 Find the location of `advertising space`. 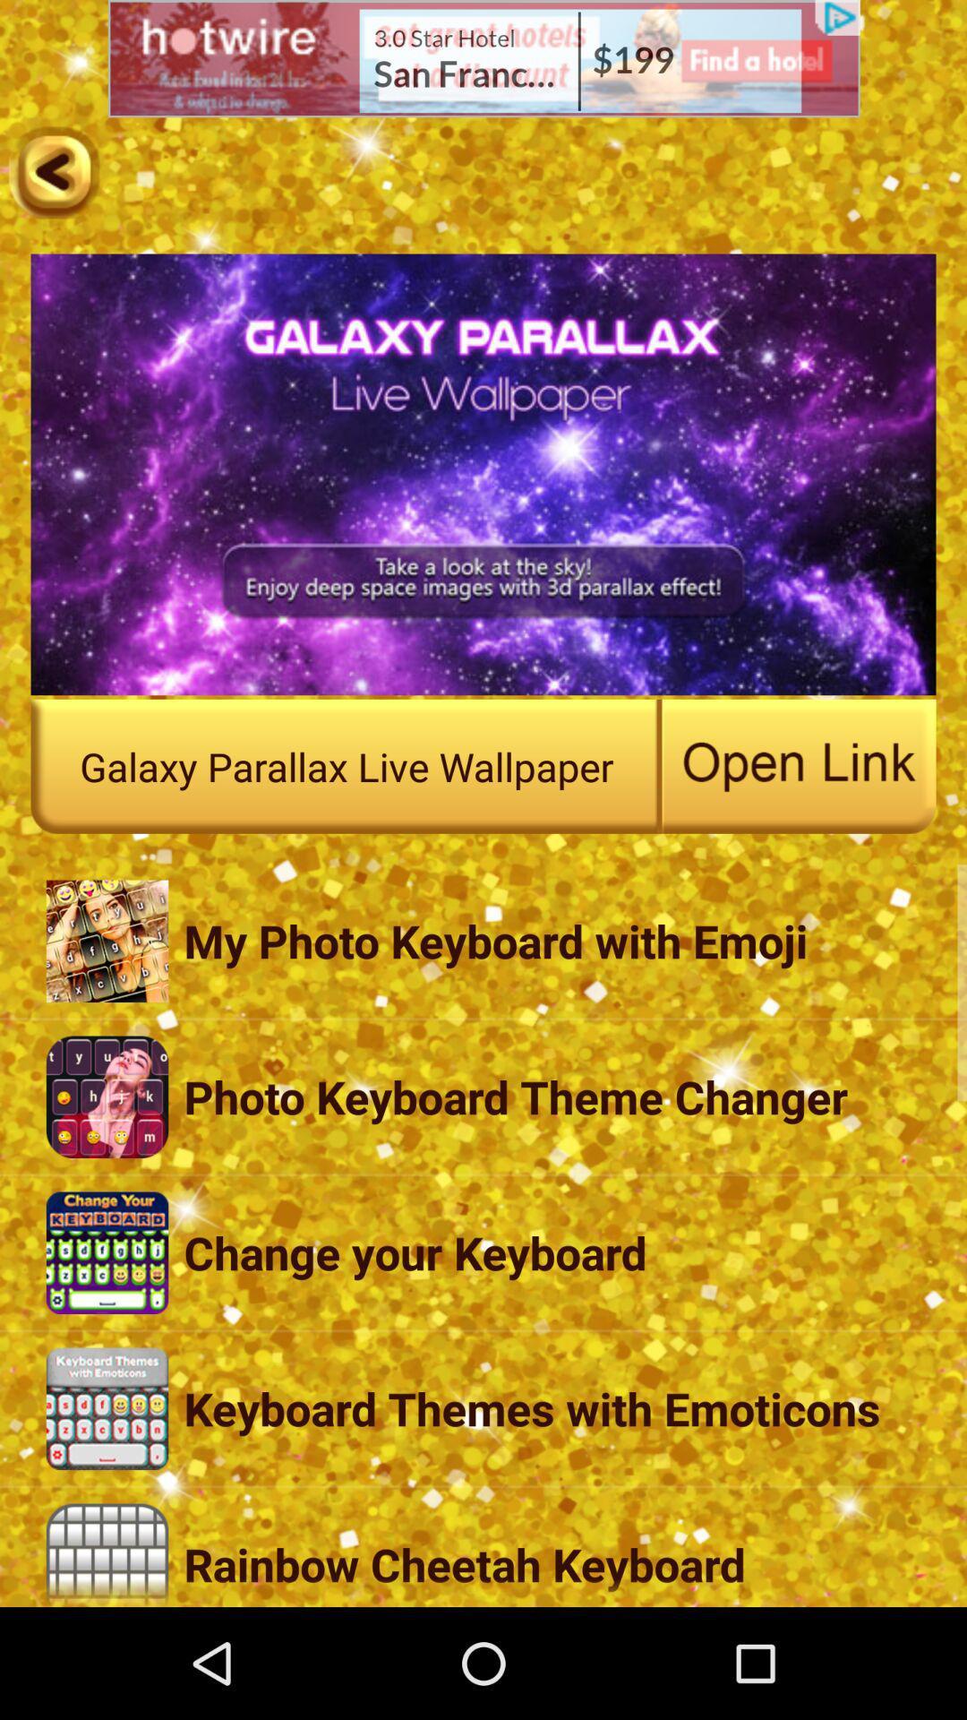

advertising space is located at coordinates (483, 58).